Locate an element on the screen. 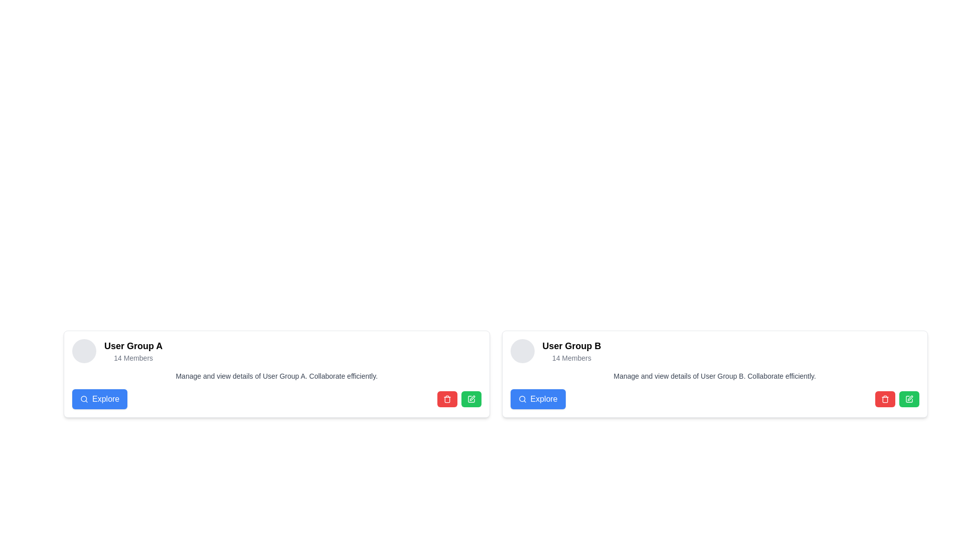 The width and height of the screenshot is (963, 541). the text label that serves as the title or name of the user group, which is positioned at the top left corner of the card, aligned with the user group icon is located at coordinates (133, 345).